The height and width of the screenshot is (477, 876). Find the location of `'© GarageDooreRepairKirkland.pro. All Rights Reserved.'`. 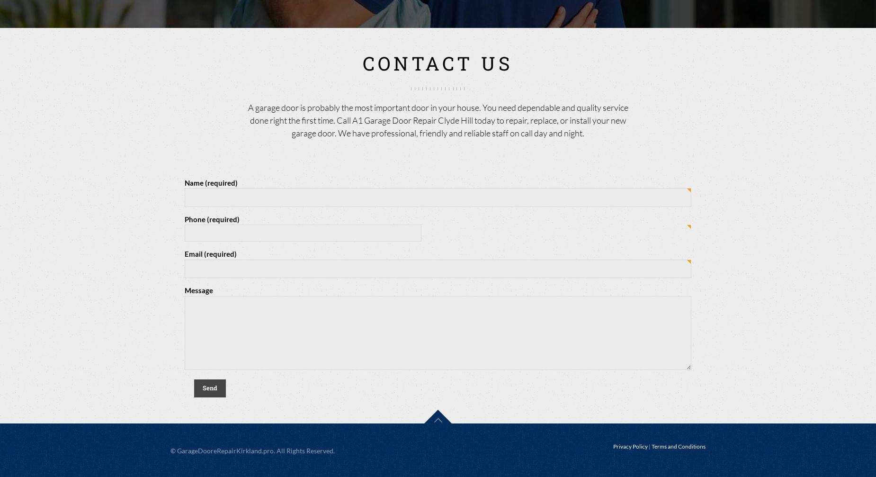

'© GarageDooreRepairKirkland.pro. All Rights Reserved.' is located at coordinates (252, 450).